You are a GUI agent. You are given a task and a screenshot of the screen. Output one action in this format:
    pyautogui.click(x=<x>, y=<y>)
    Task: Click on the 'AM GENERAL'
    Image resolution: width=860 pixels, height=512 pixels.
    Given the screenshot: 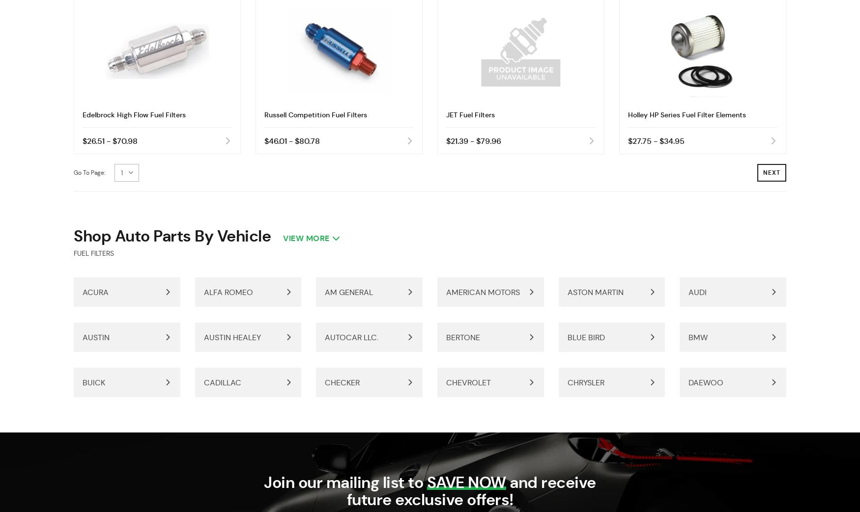 What is the action you would take?
    pyautogui.click(x=324, y=292)
    